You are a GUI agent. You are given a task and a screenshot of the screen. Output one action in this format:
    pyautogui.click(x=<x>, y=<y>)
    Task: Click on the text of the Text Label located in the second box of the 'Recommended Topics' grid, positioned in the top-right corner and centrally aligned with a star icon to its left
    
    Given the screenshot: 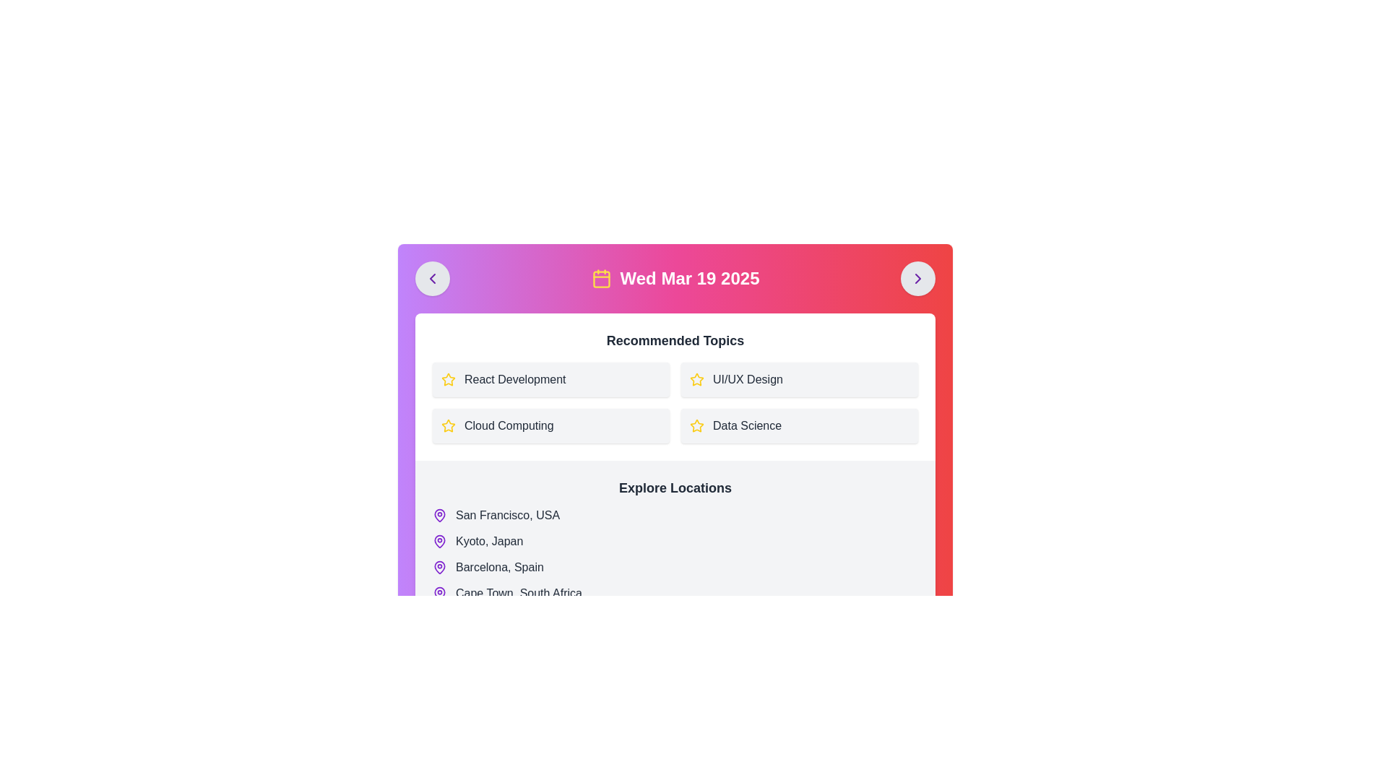 What is the action you would take?
    pyautogui.click(x=748, y=378)
    